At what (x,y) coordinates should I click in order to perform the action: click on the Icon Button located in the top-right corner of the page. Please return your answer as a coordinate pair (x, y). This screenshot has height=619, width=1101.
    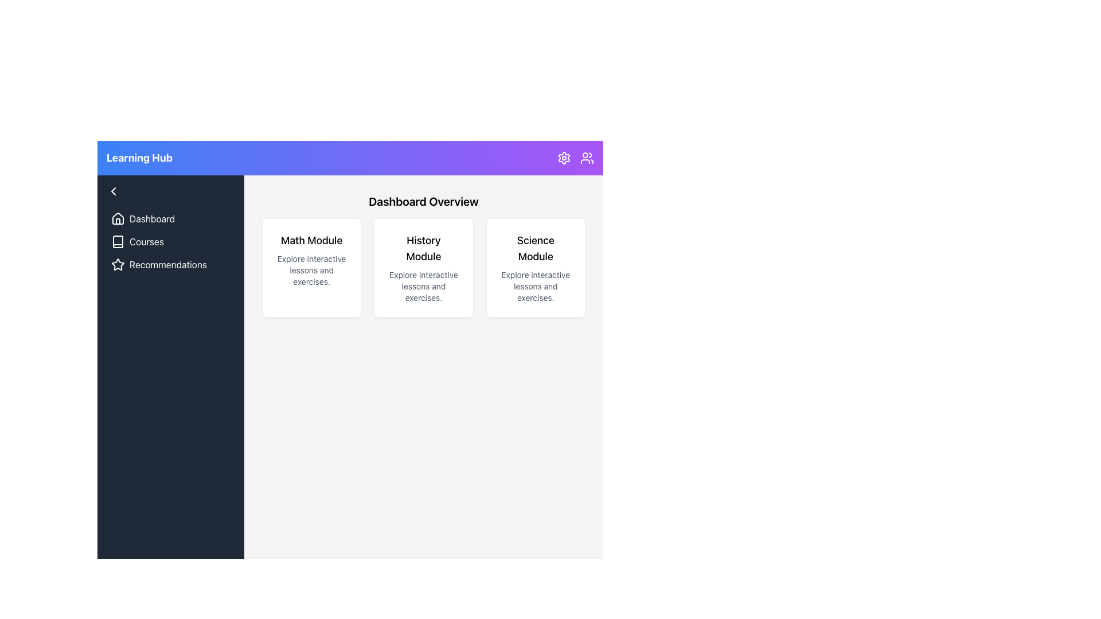
    Looking at the image, I should click on (564, 158).